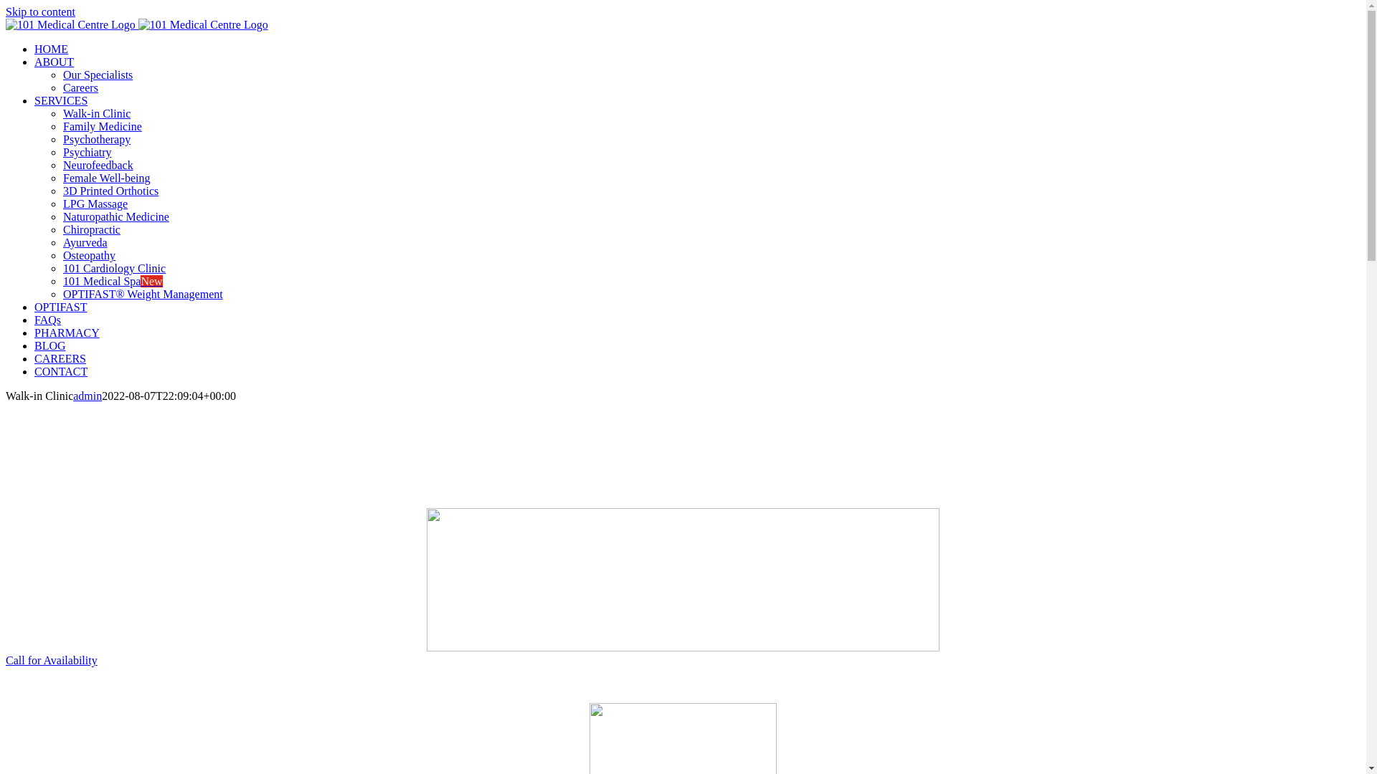  Describe the element at coordinates (40, 11) in the screenshot. I see `'Skip to content'` at that location.